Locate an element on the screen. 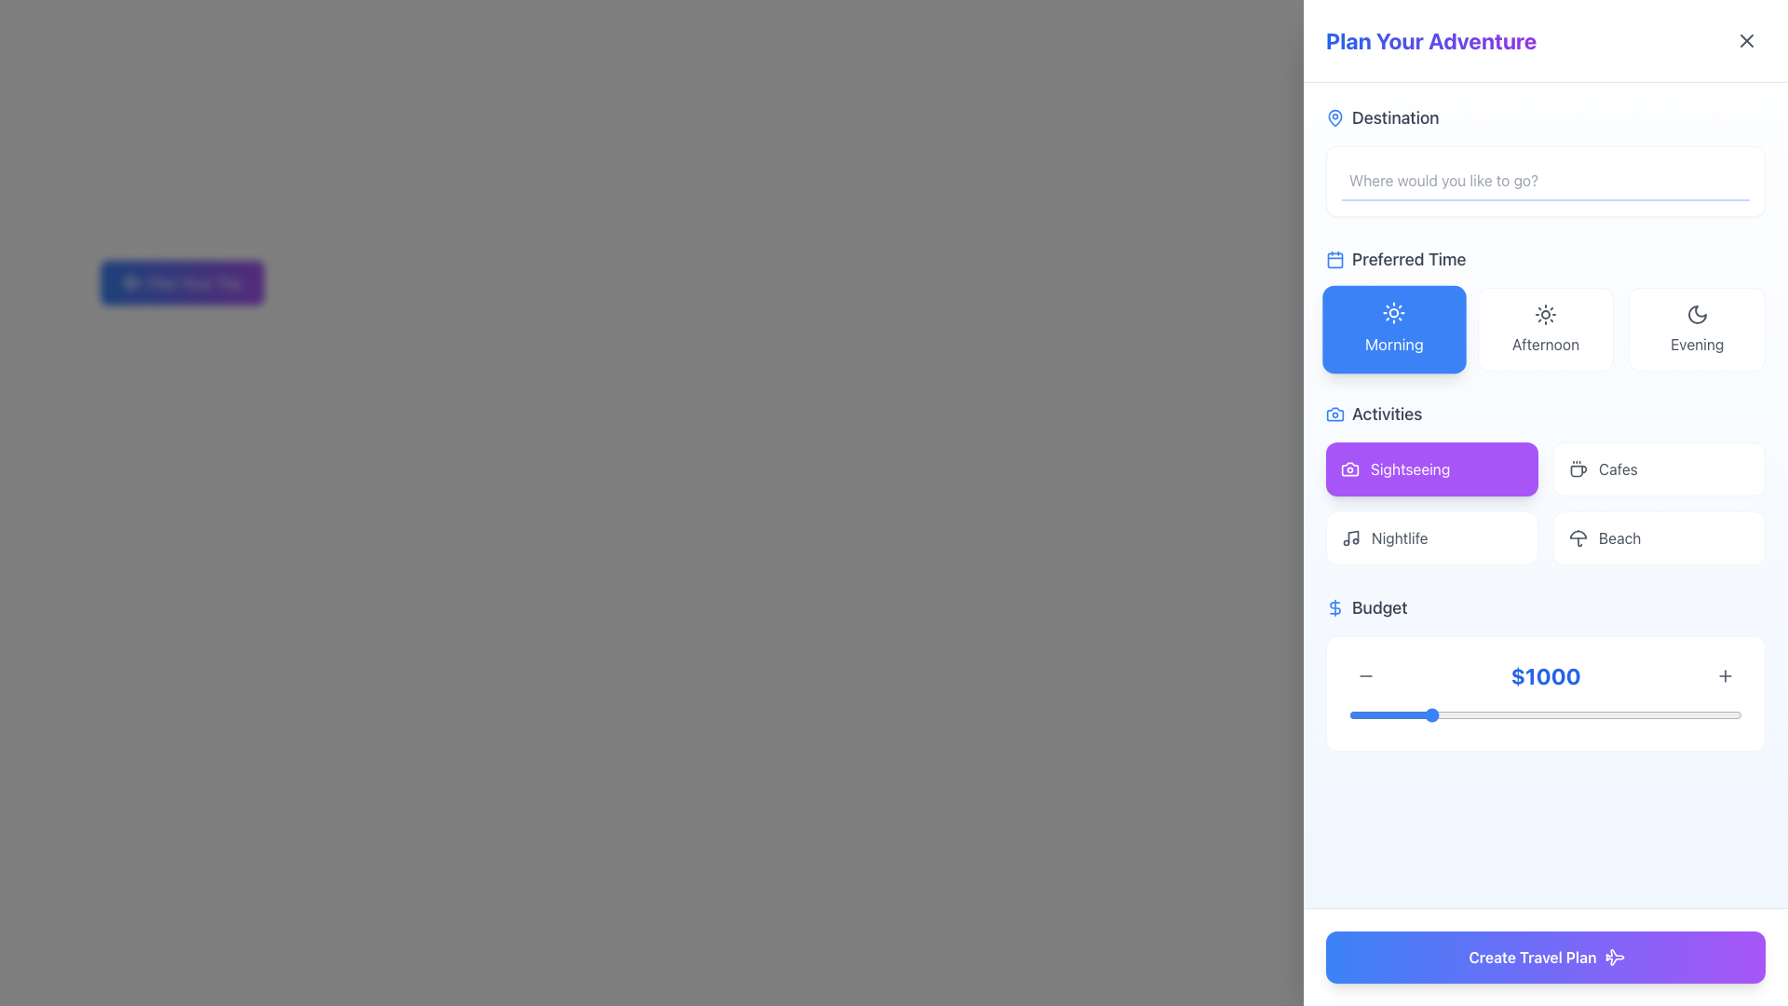  the prominent trip planning button located near the top-left of the interface to initiate the trip planning action is located at coordinates (182, 283).